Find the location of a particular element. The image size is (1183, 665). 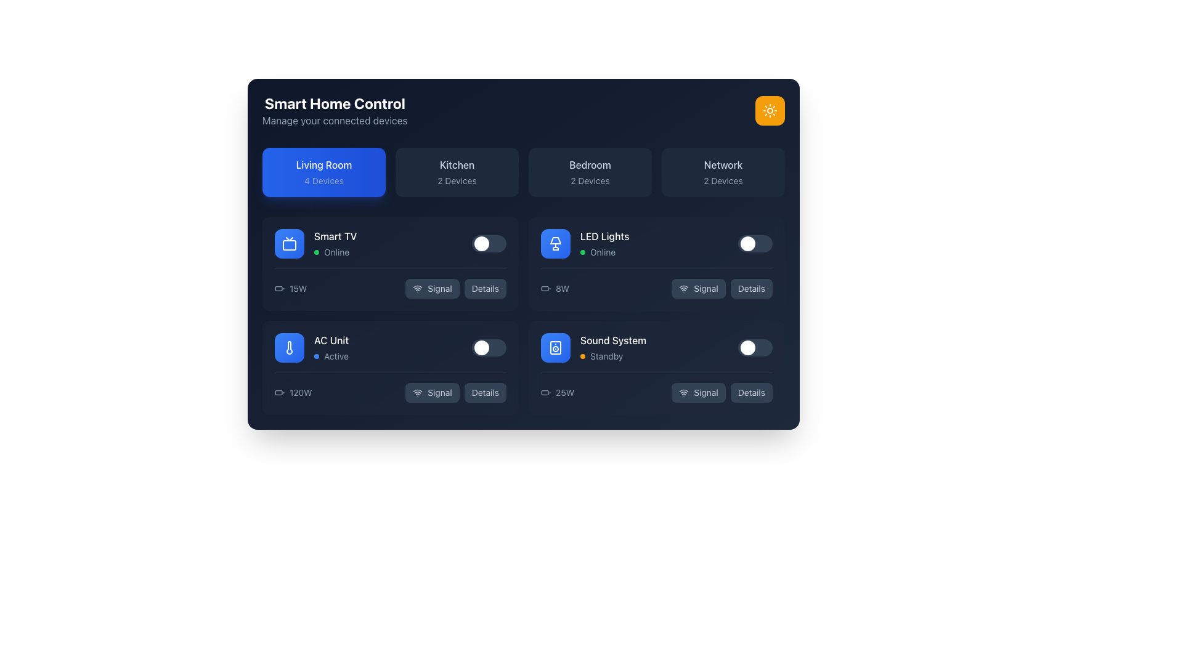

the Button with an icon representing the 'AC Unit' in the 'Smart Home Control' interface, located in the lower row of the main content area is located at coordinates (289, 347).